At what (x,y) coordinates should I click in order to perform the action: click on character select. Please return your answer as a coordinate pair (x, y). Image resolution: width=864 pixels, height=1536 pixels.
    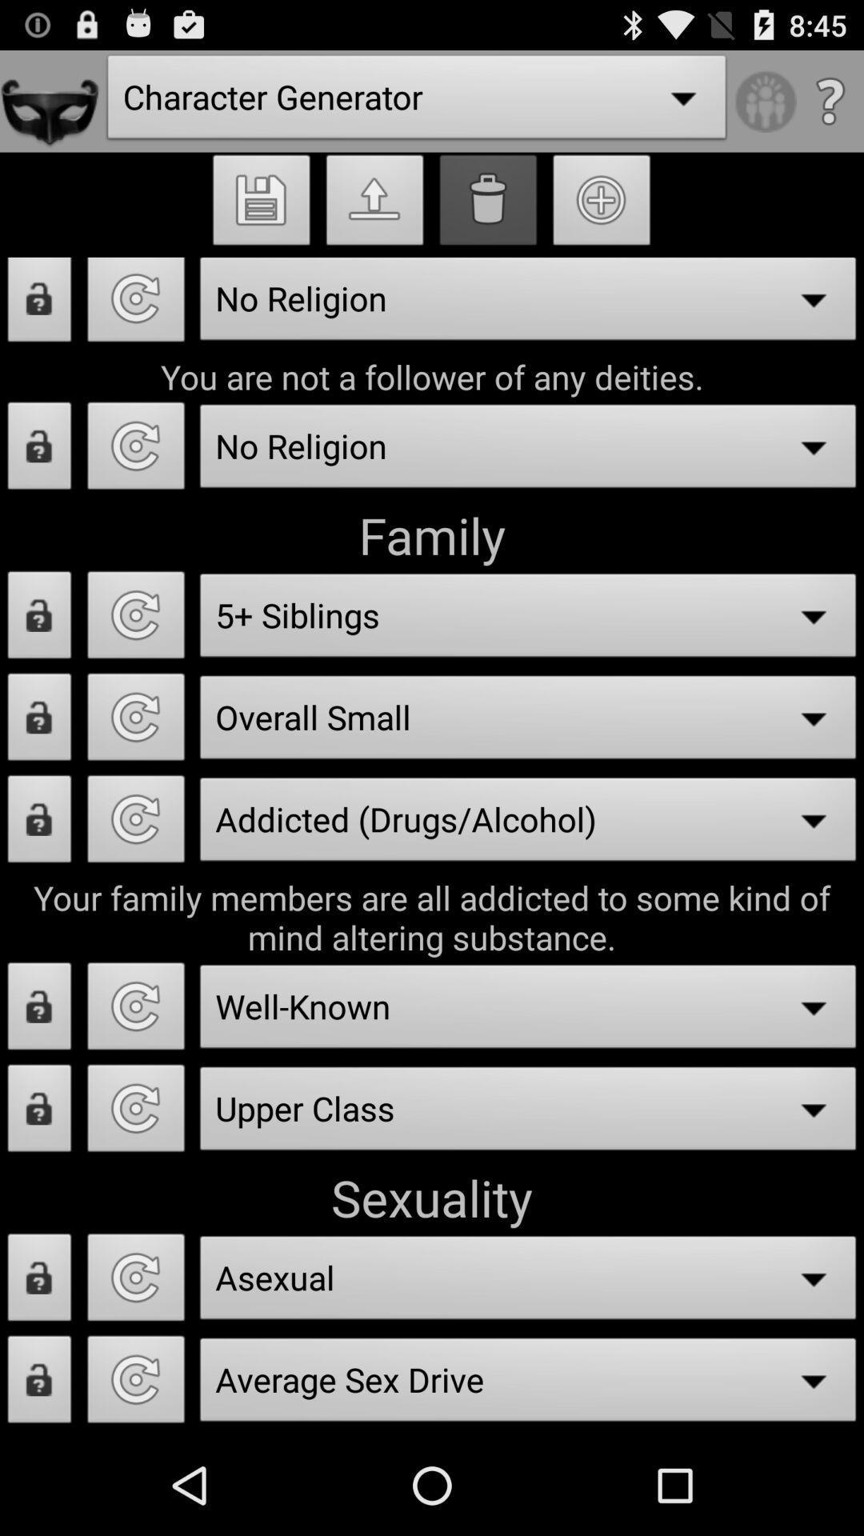
    Looking at the image, I should click on (135, 1383).